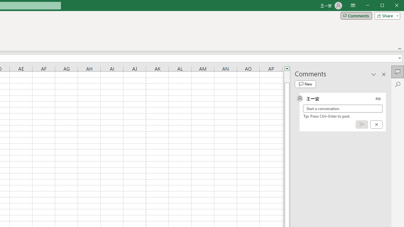 The width and height of the screenshot is (404, 227). Describe the element at coordinates (376, 125) in the screenshot. I see `'Cancel'` at that location.